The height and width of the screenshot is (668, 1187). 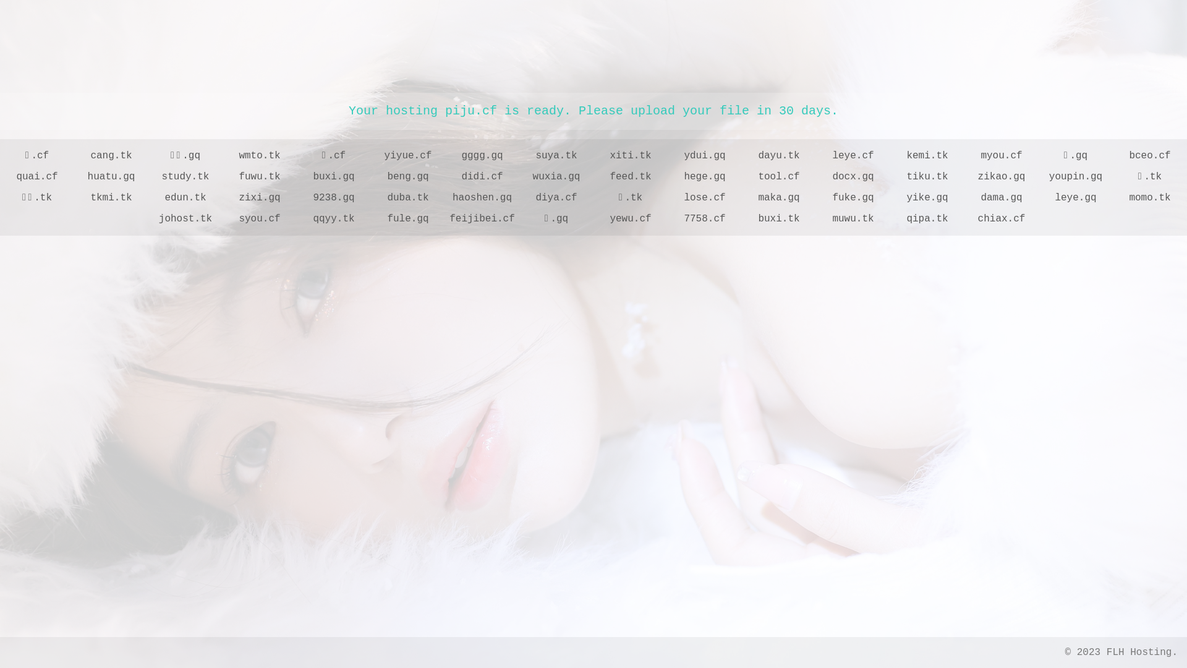 What do you see at coordinates (593, 218) in the screenshot?
I see `'yewu.cf'` at bounding box center [593, 218].